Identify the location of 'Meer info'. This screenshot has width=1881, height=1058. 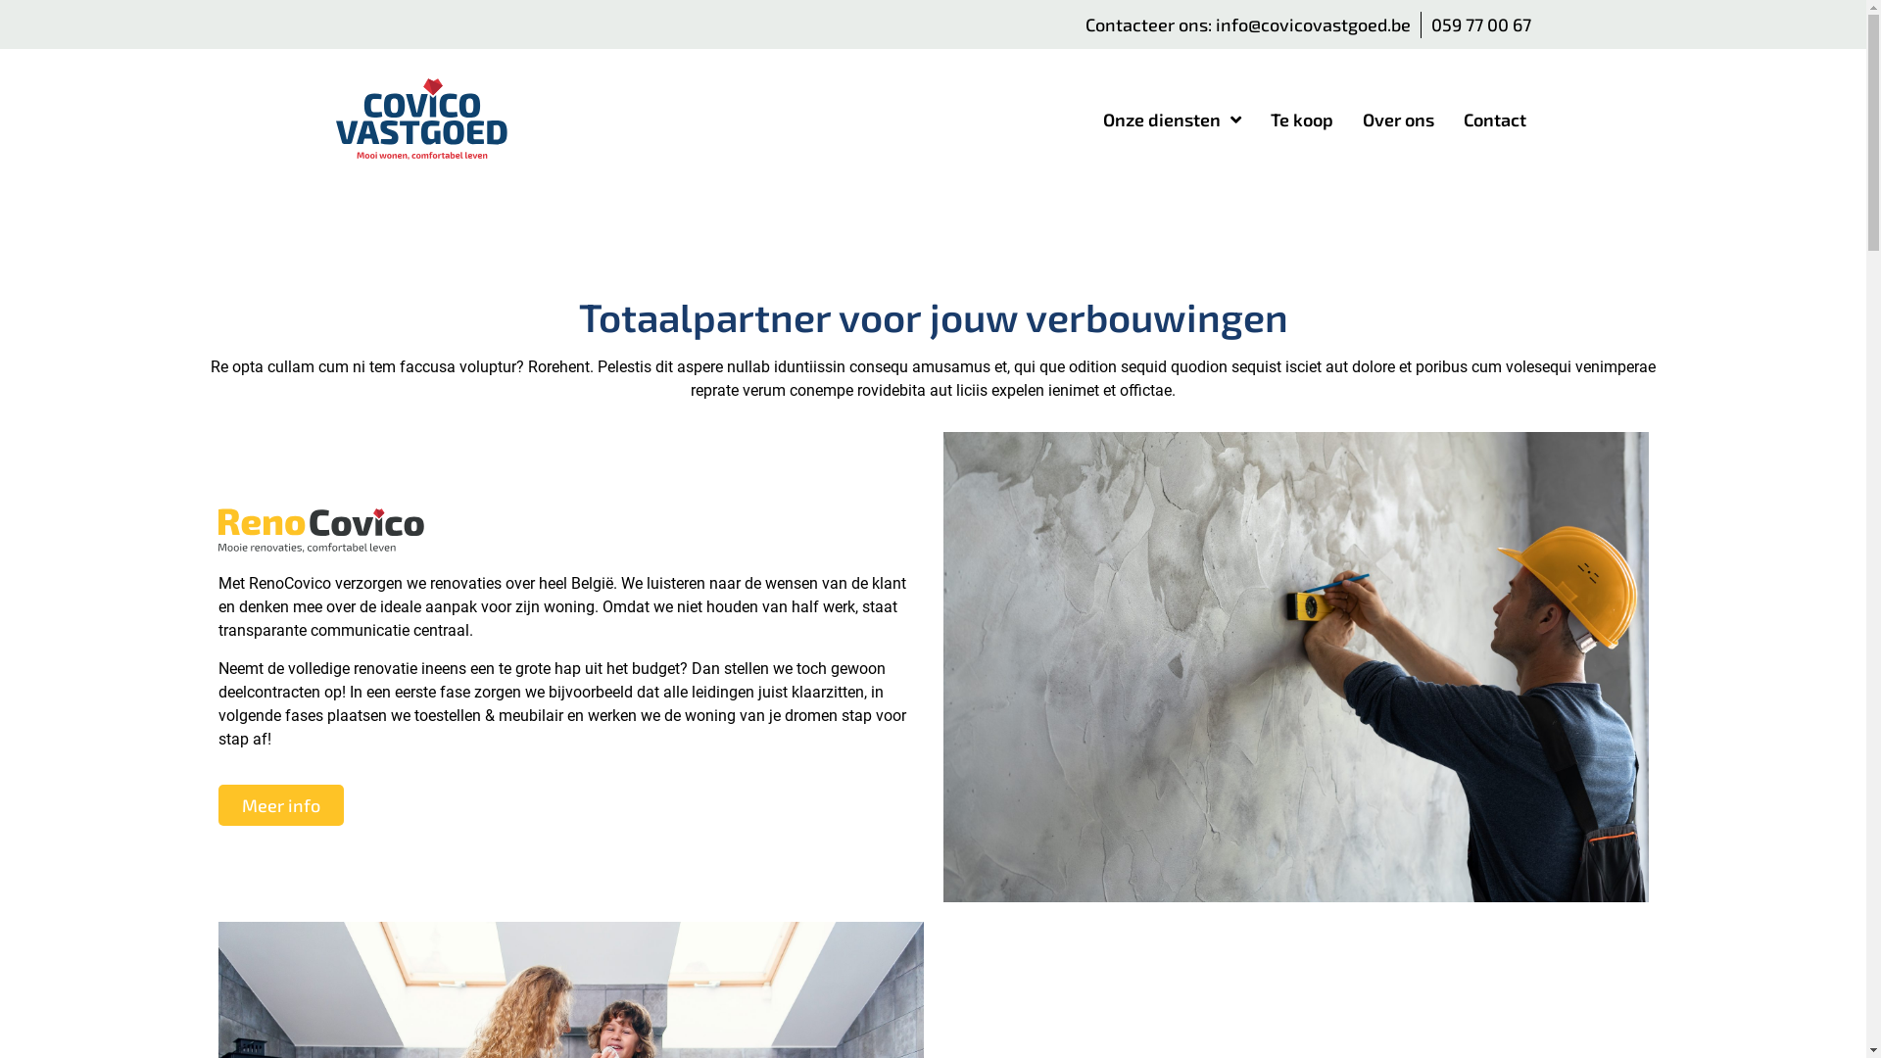
(279, 804).